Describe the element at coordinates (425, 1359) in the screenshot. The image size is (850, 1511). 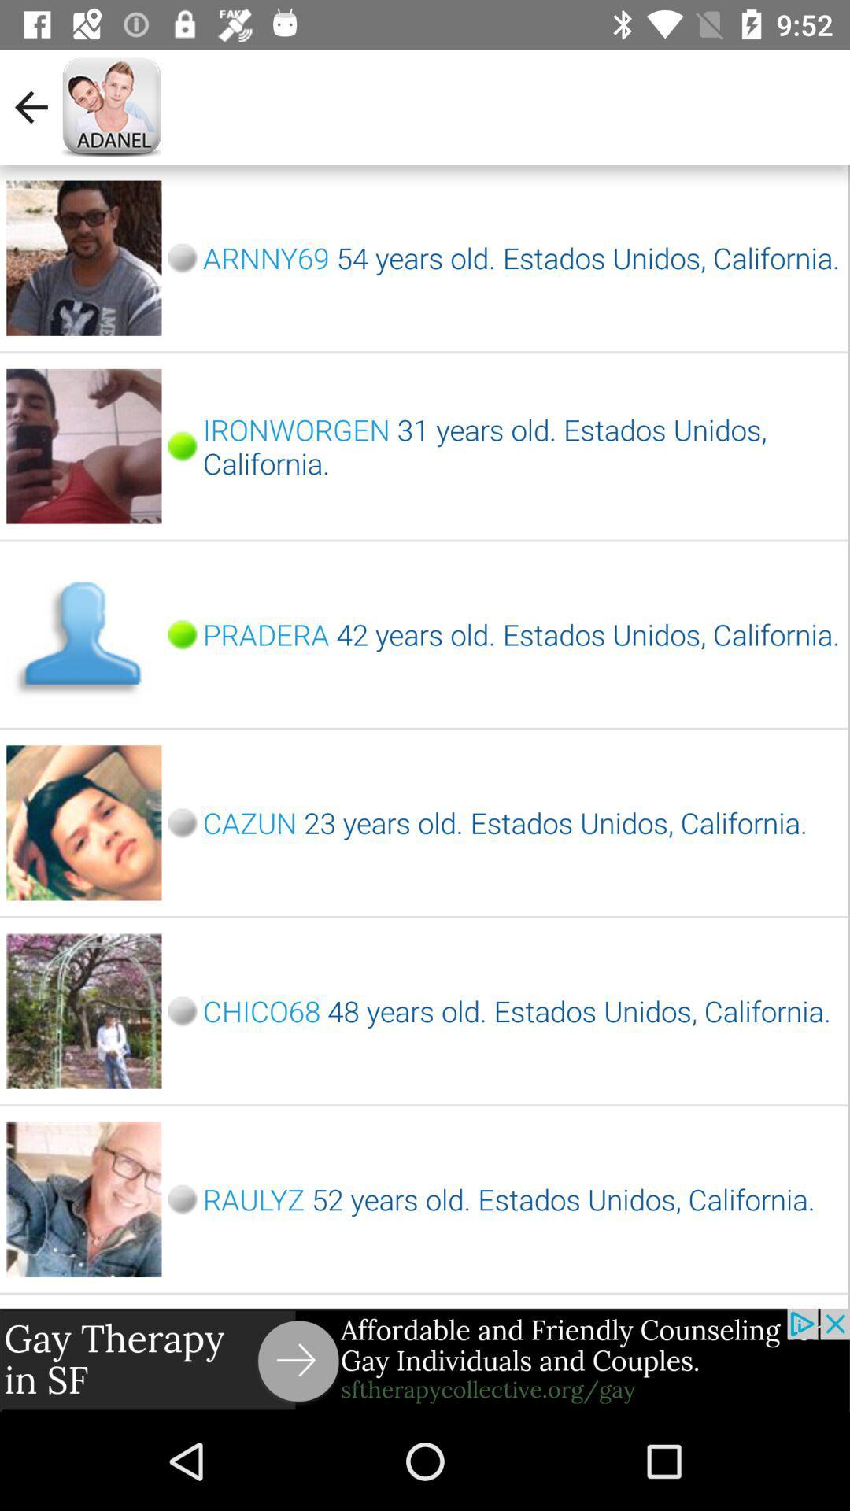
I see `advertisement banner` at that location.